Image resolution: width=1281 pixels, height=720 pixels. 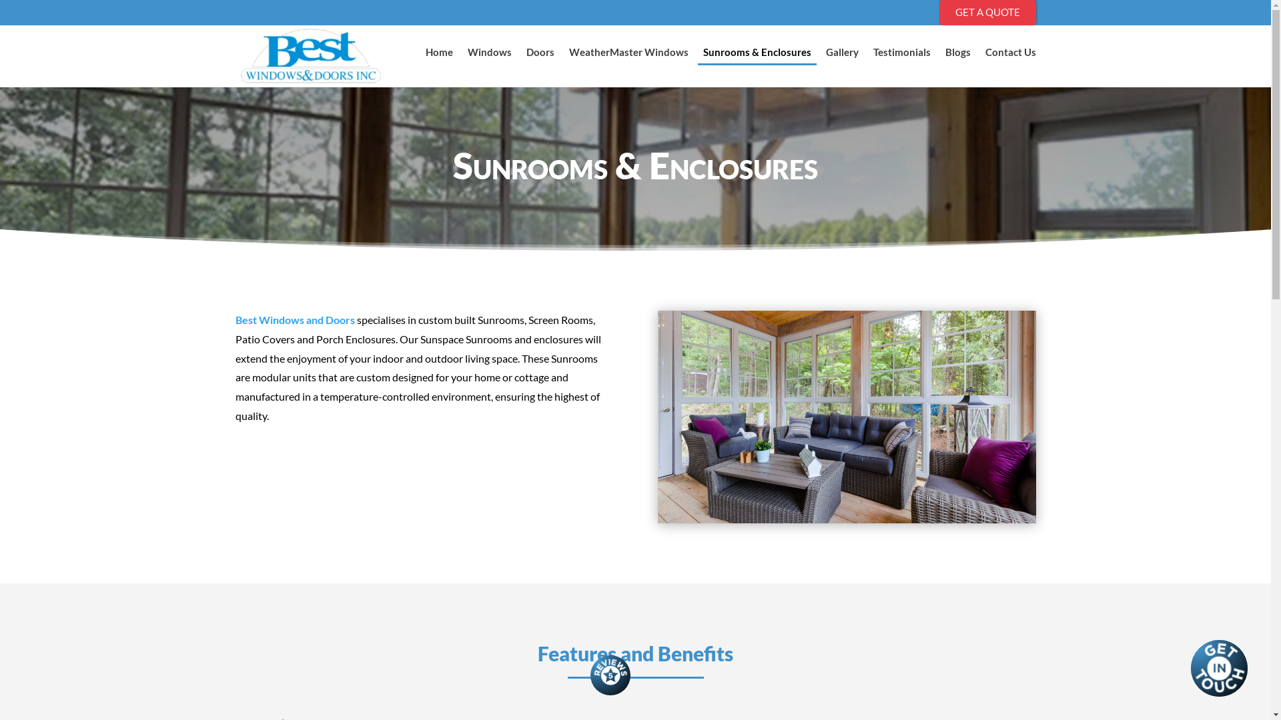 I want to click on 'Testimonials', so click(x=901, y=63).